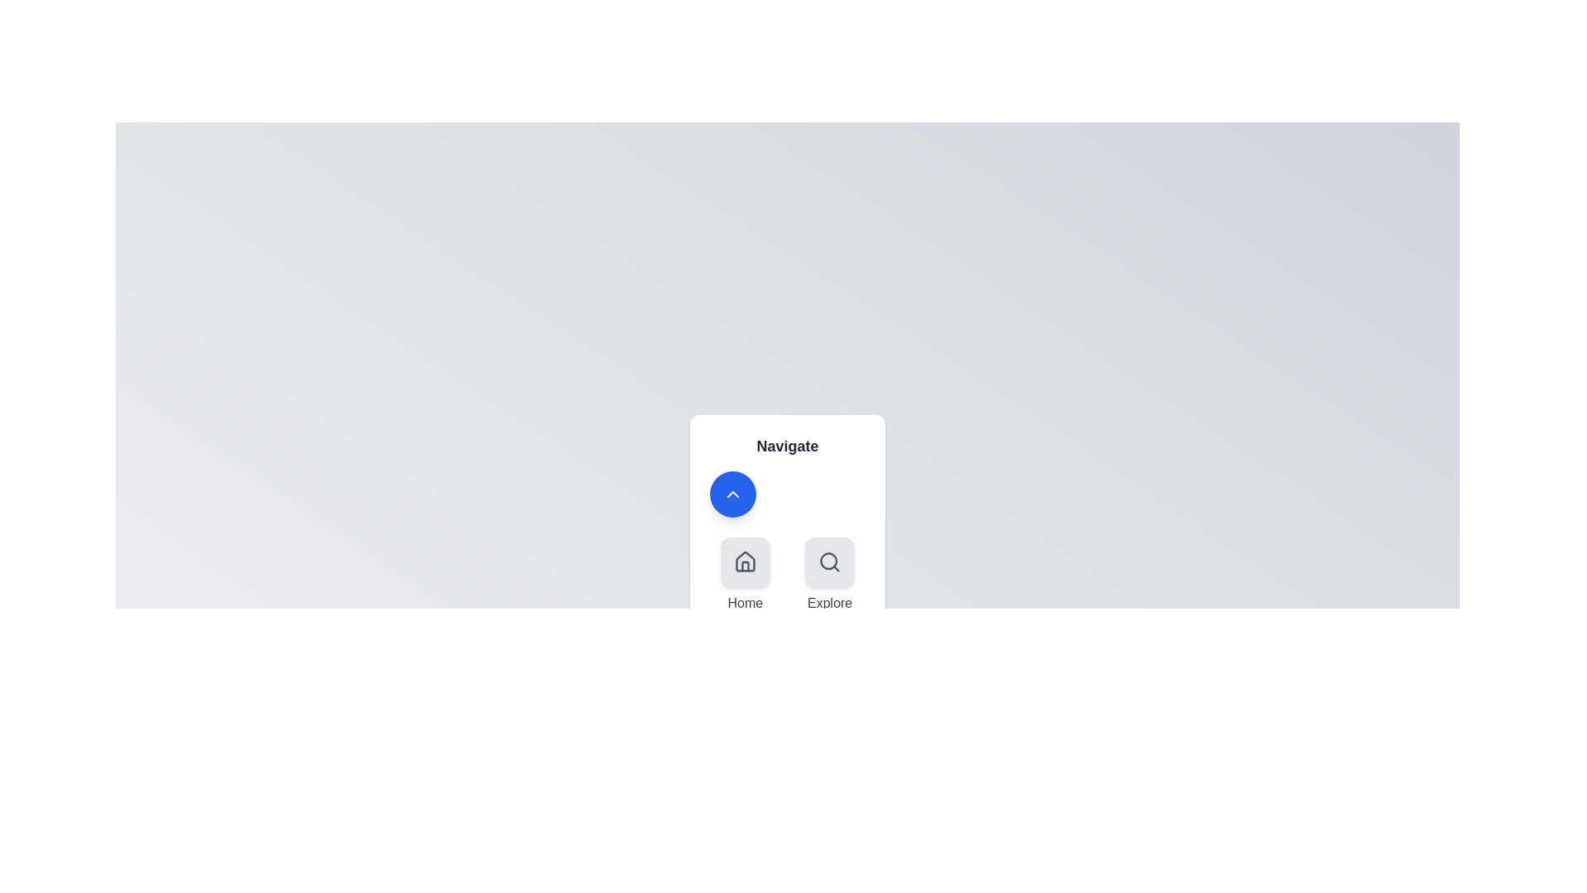  What do you see at coordinates (830, 561) in the screenshot?
I see `the navigation option Explore by clicking its corresponding icon` at bounding box center [830, 561].